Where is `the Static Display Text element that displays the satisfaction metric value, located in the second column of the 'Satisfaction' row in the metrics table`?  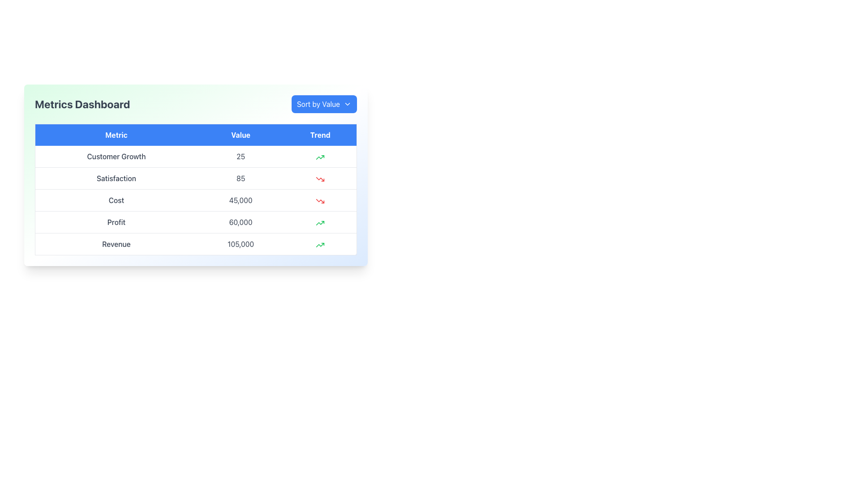
the Static Display Text element that displays the satisfaction metric value, located in the second column of the 'Satisfaction' row in the metrics table is located at coordinates (241, 178).